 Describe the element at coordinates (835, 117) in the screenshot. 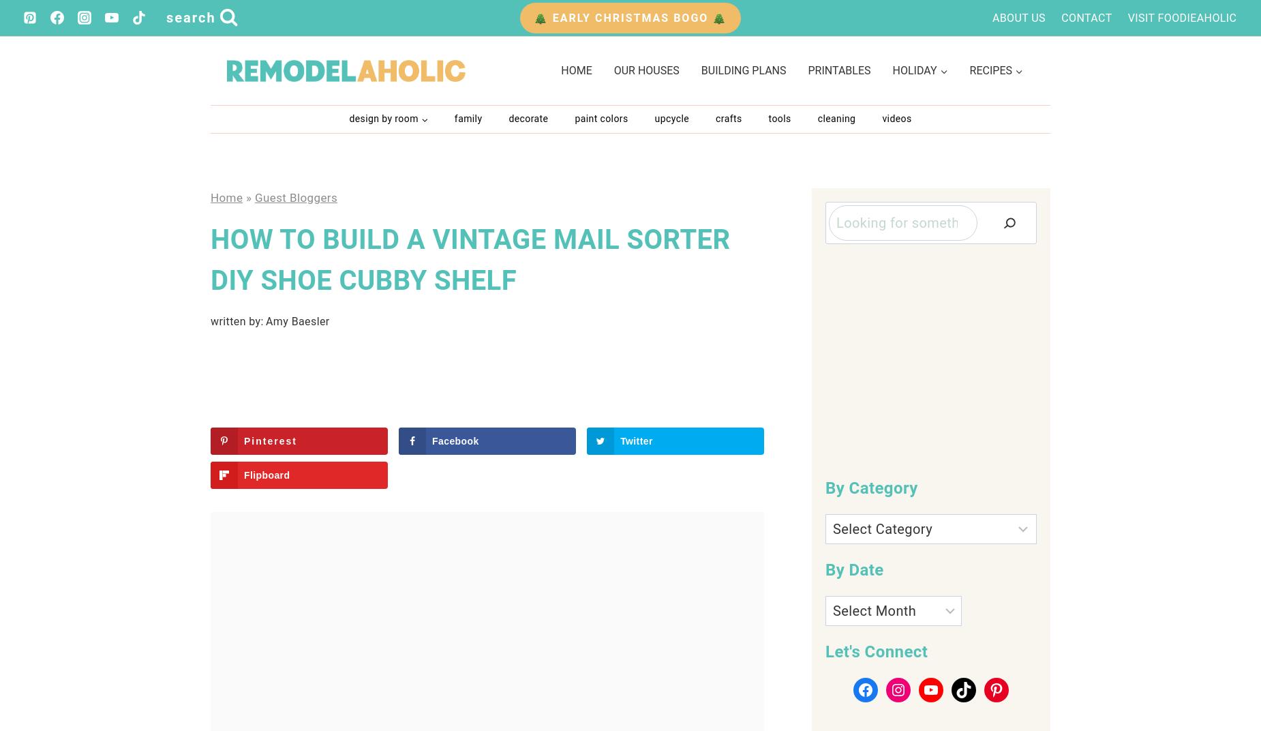

I see `'Cleaning'` at that location.